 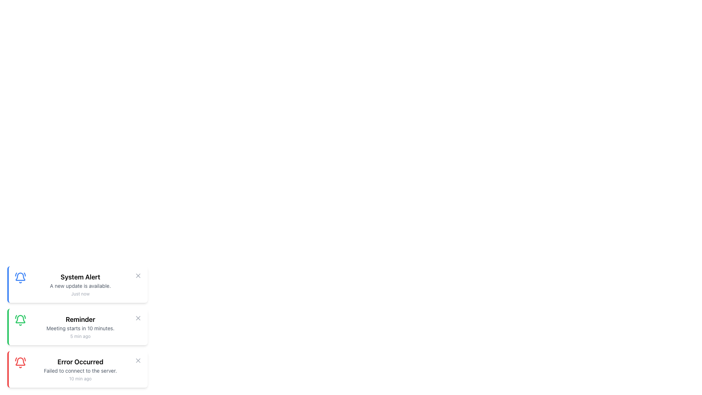 I want to click on the static text displaying 'Meeting starts in 10 minutes.' which is located between the title 'Reminder' and the timestamp '5 min ago' in the notification card, so click(x=80, y=328).